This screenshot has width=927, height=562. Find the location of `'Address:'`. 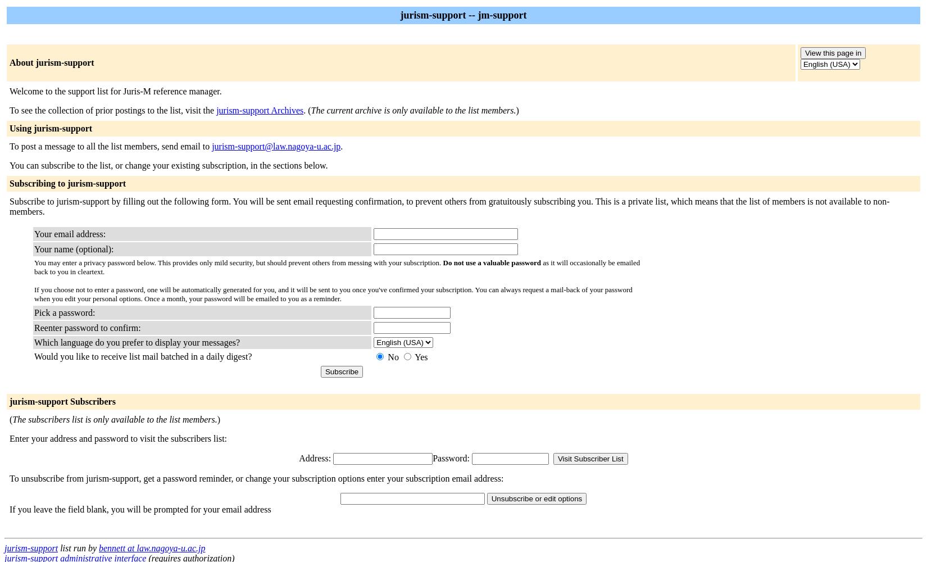

'Address:' is located at coordinates (315, 457).